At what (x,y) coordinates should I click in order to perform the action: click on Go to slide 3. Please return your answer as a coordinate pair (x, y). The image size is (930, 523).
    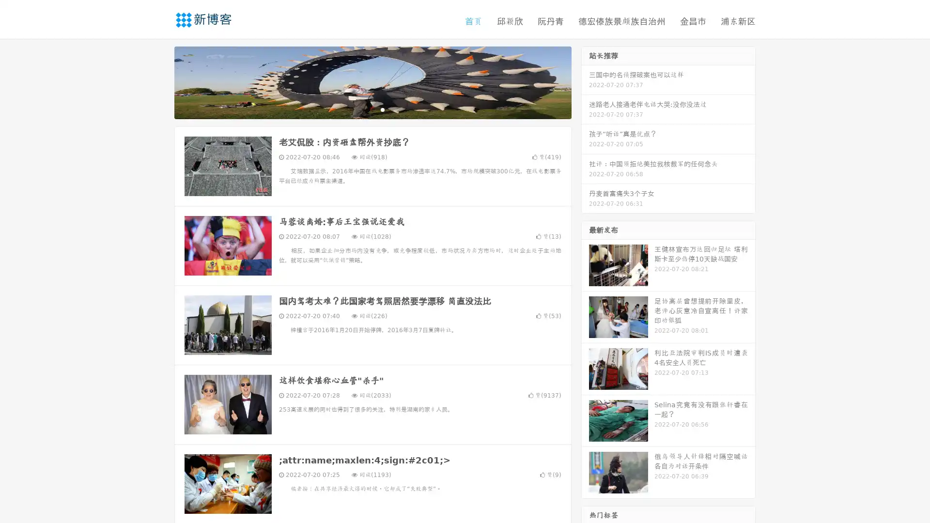
    Looking at the image, I should click on (382, 109).